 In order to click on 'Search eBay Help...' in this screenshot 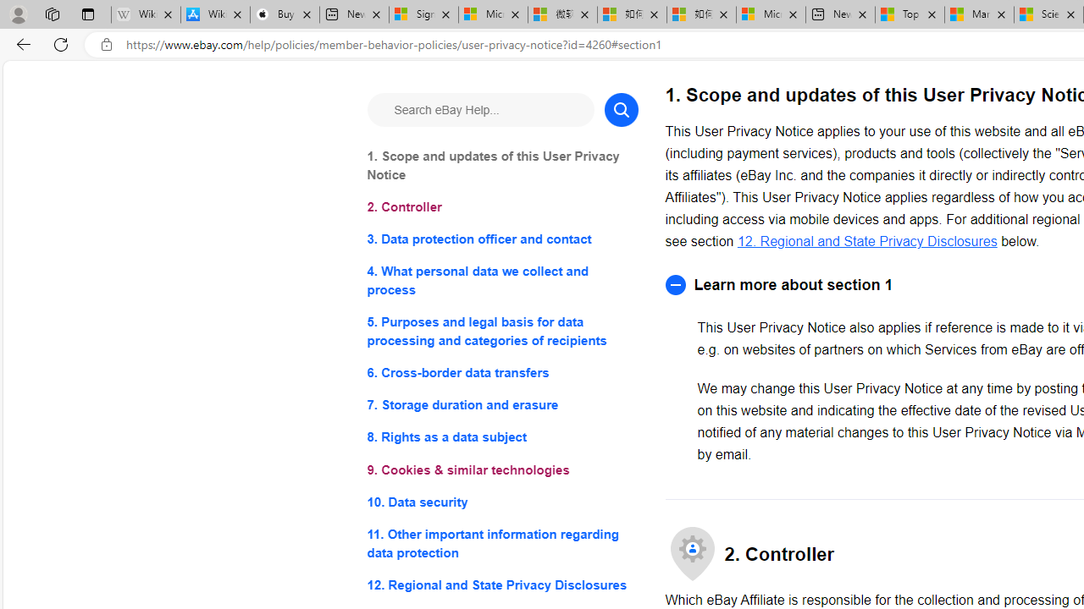, I will do `click(479, 109)`.